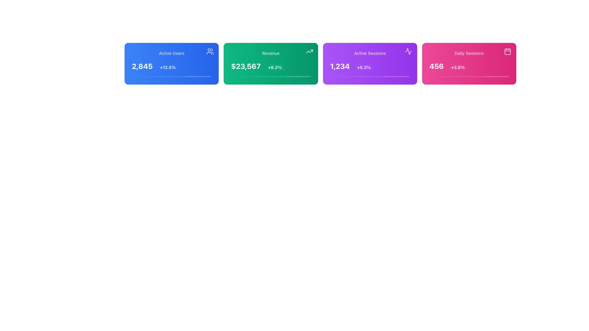 The image size is (589, 331). Describe the element at coordinates (270, 76) in the screenshot. I see `the Progress bar at the bottom of the 'Revenue' card, which visually represents the percentage progress of revenue value` at that location.